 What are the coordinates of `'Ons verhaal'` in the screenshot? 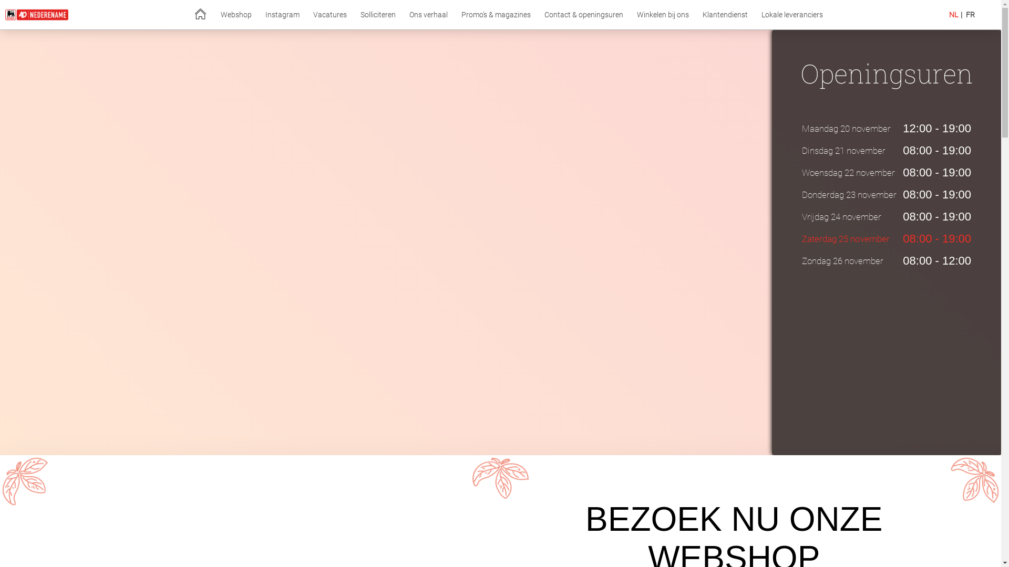 It's located at (428, 14).